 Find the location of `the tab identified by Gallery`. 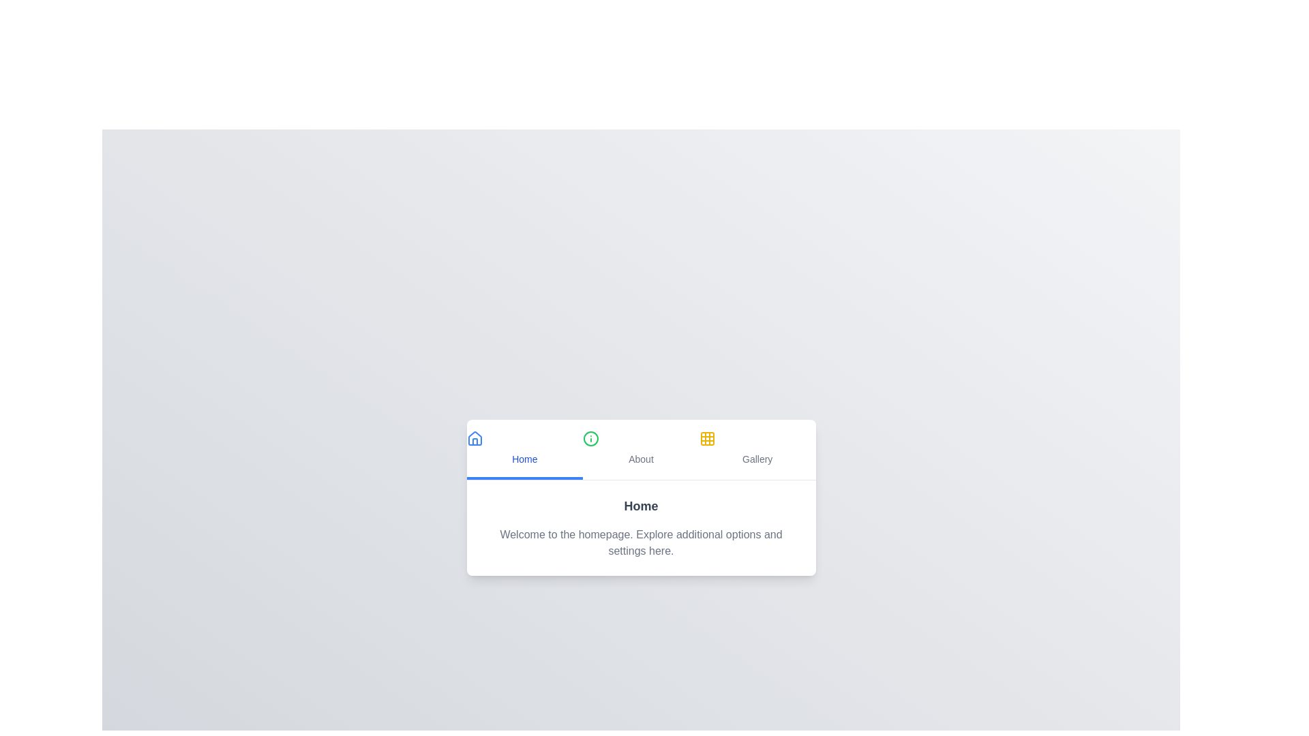

the tab identified by Gallery is located at coordinates (757, 449).